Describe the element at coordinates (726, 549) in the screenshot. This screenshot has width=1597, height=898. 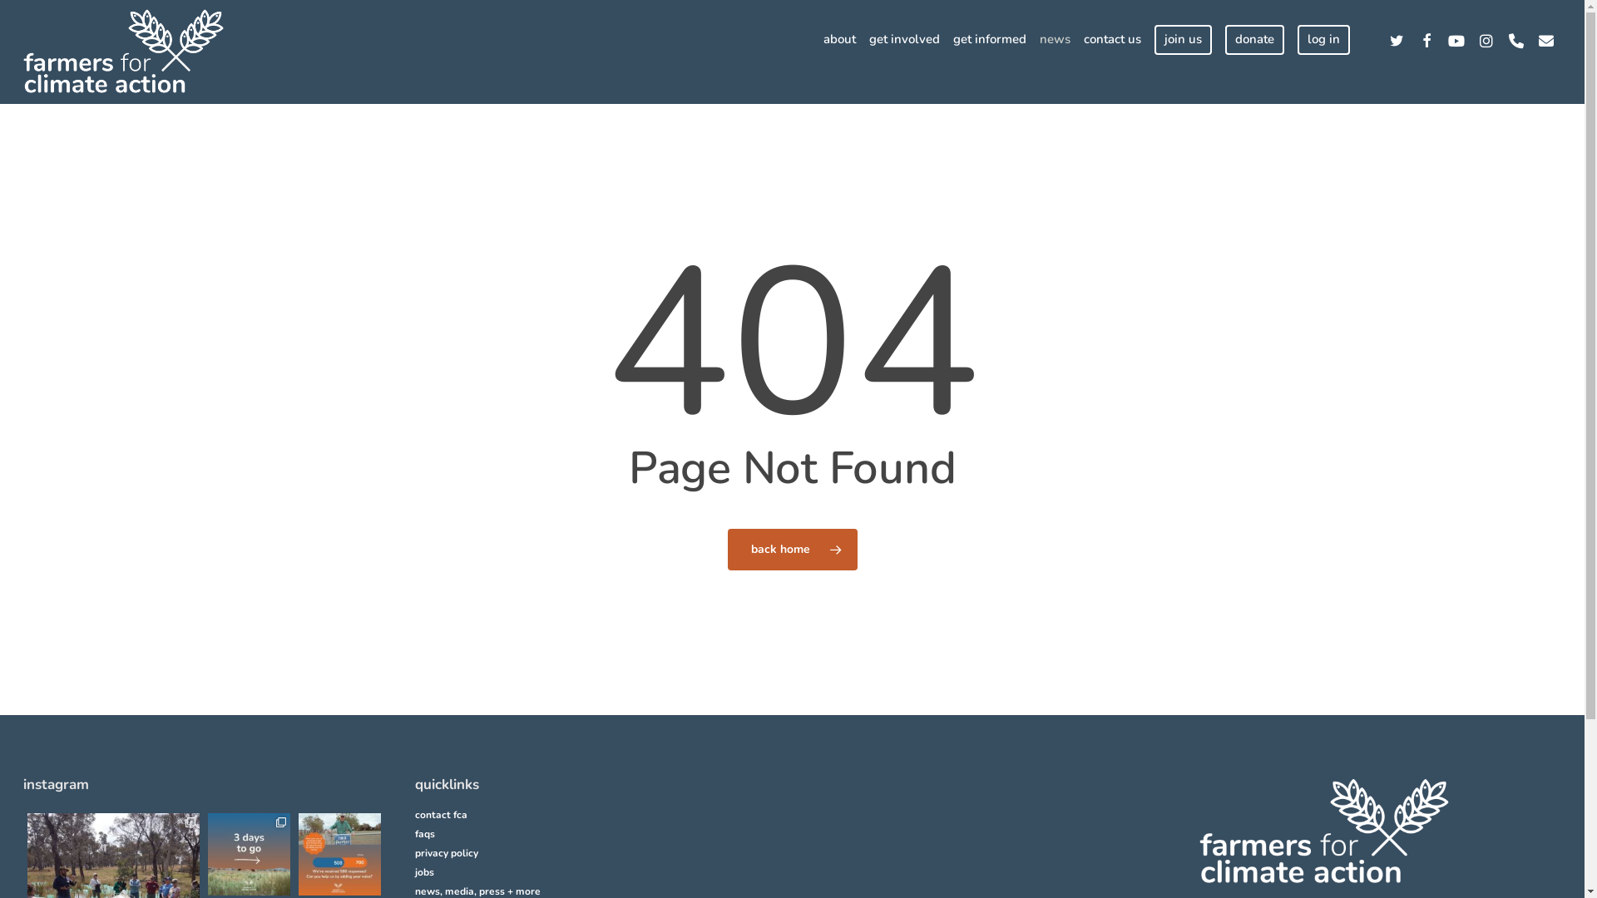
I see `'back home'` at that location.